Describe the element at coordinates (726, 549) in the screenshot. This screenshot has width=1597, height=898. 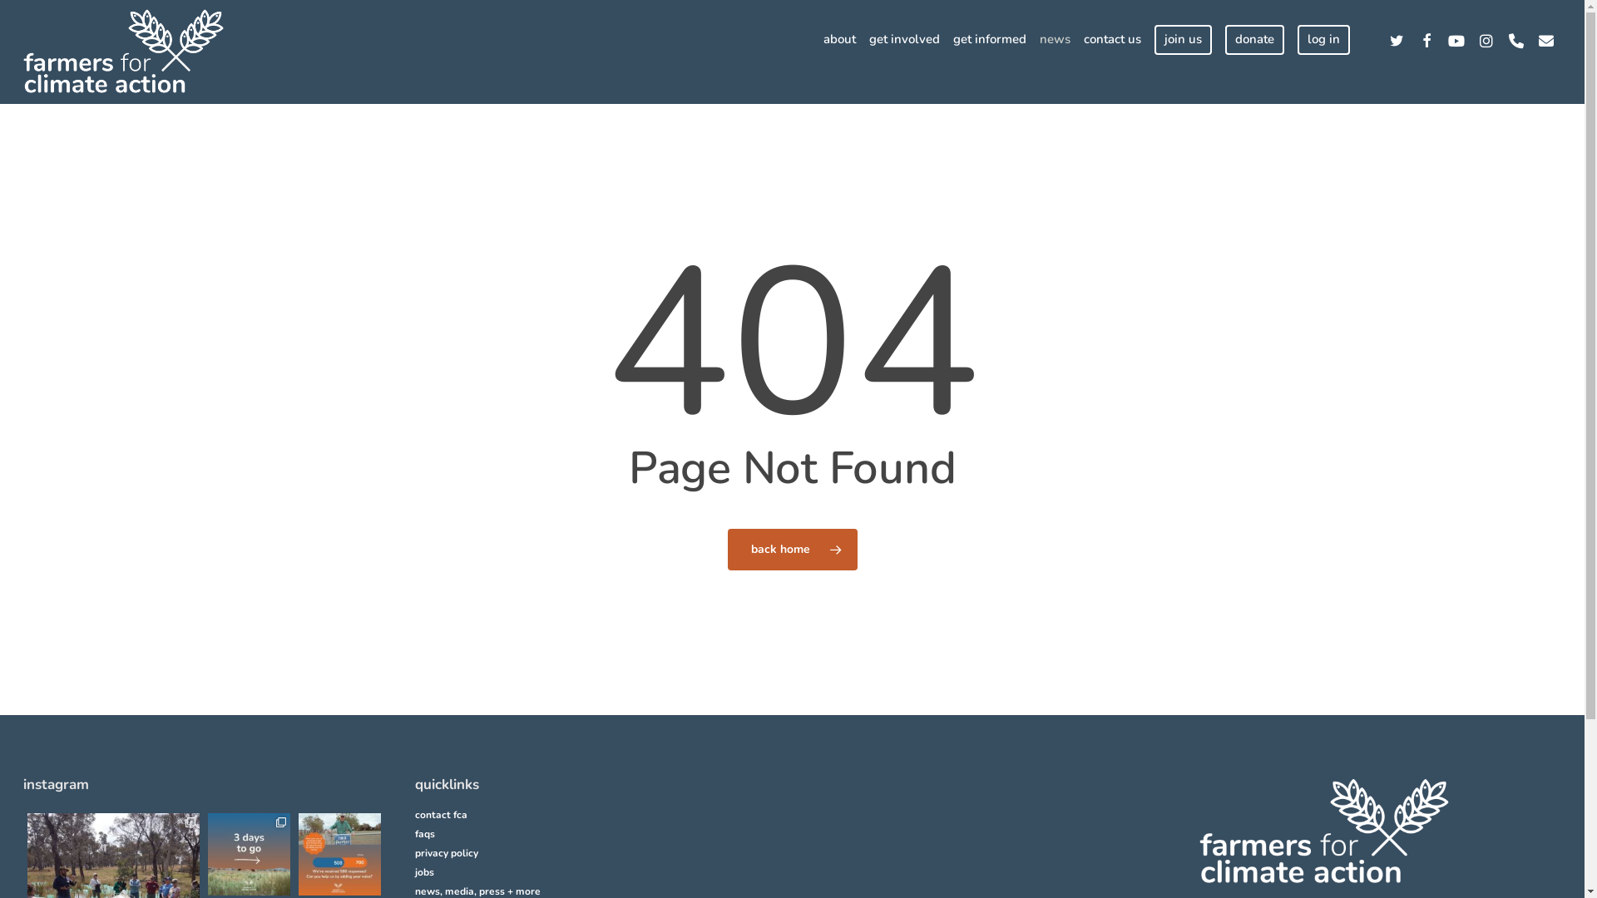
I see `'back home'` at that location.